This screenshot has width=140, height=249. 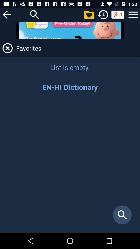 I want to click on the close icon, so click(x=7, y=48).